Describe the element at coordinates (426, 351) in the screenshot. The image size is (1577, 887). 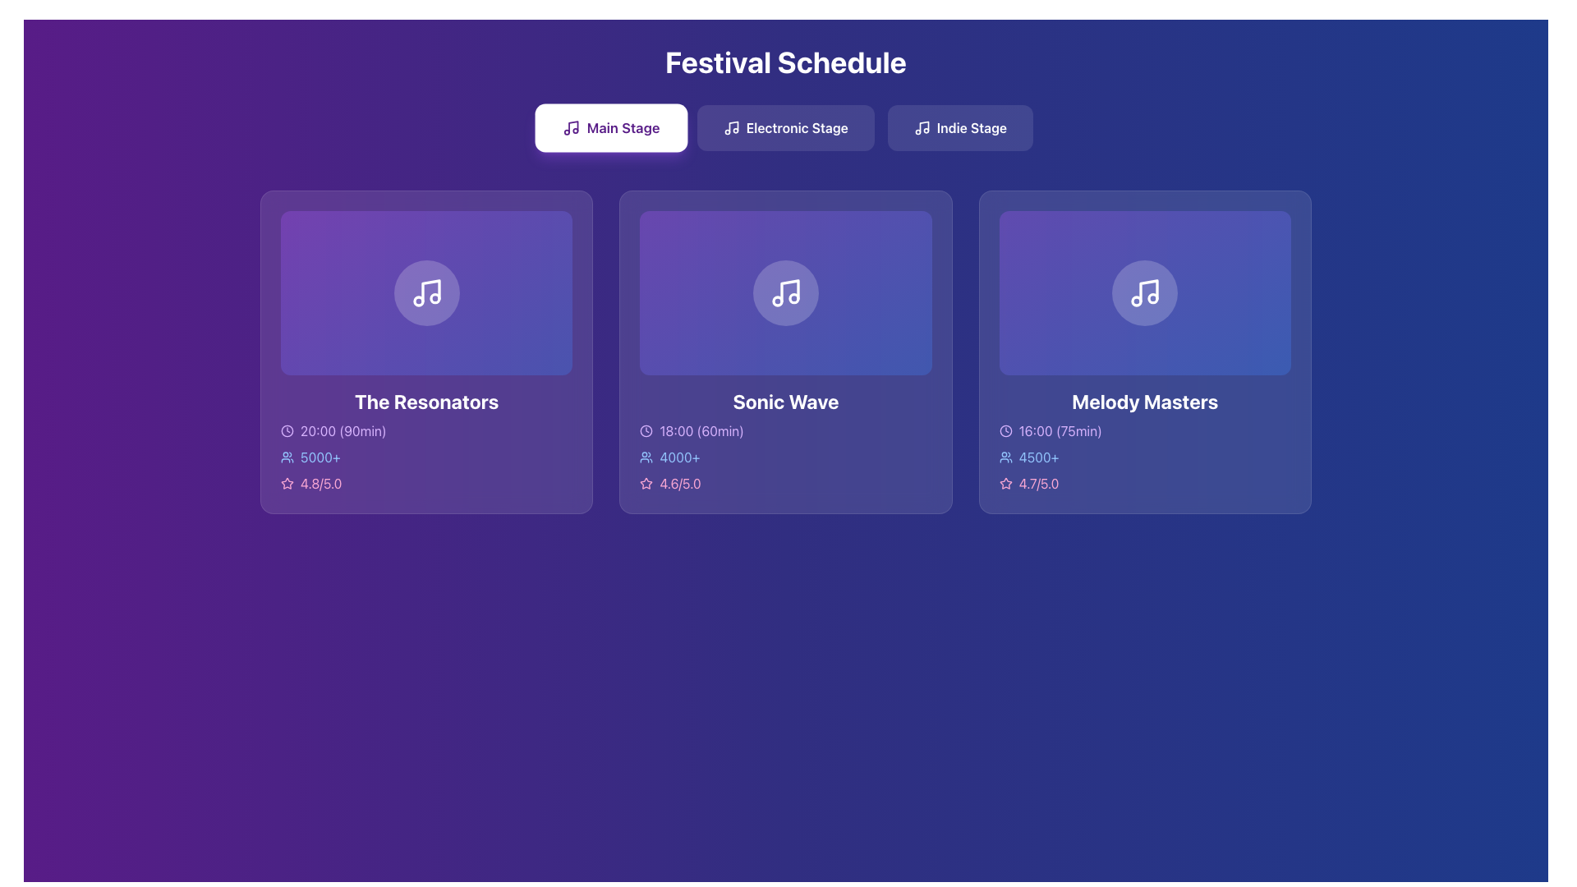
I see `the leftmost card in the grid layout, titled 'The Resonators'` at that location.